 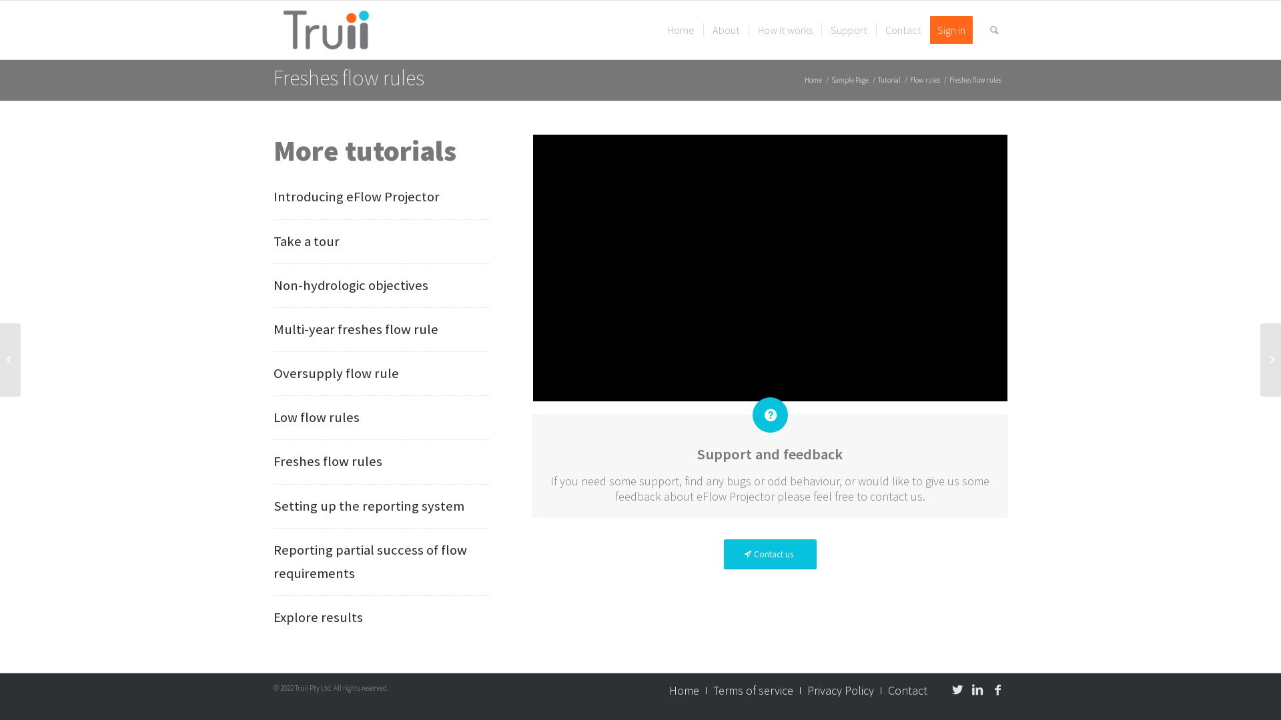 What do you see at coordinates (349, 77) in the screenshot?
I see `'Freshes flow rules'` at bounding box center [349, 77].